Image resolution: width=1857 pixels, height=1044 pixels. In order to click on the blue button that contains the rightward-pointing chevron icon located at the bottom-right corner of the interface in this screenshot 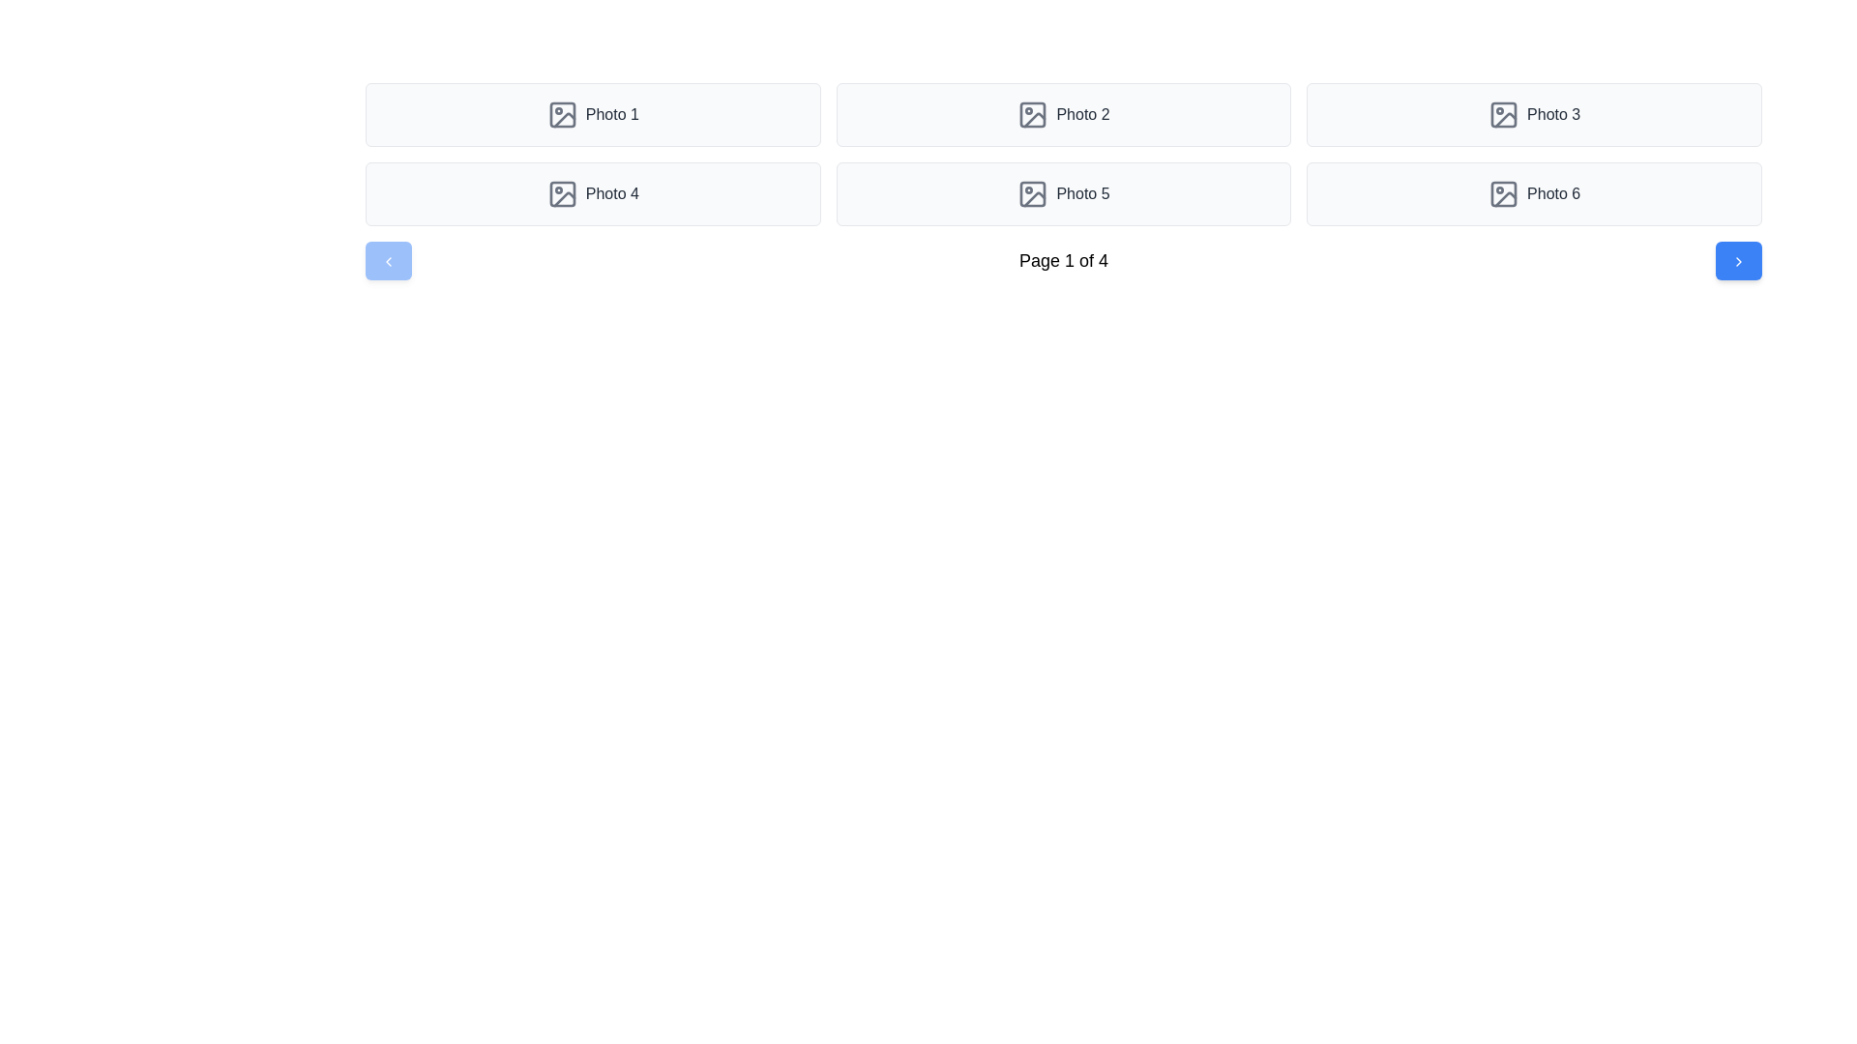, I will do `click(1739, 261)`.